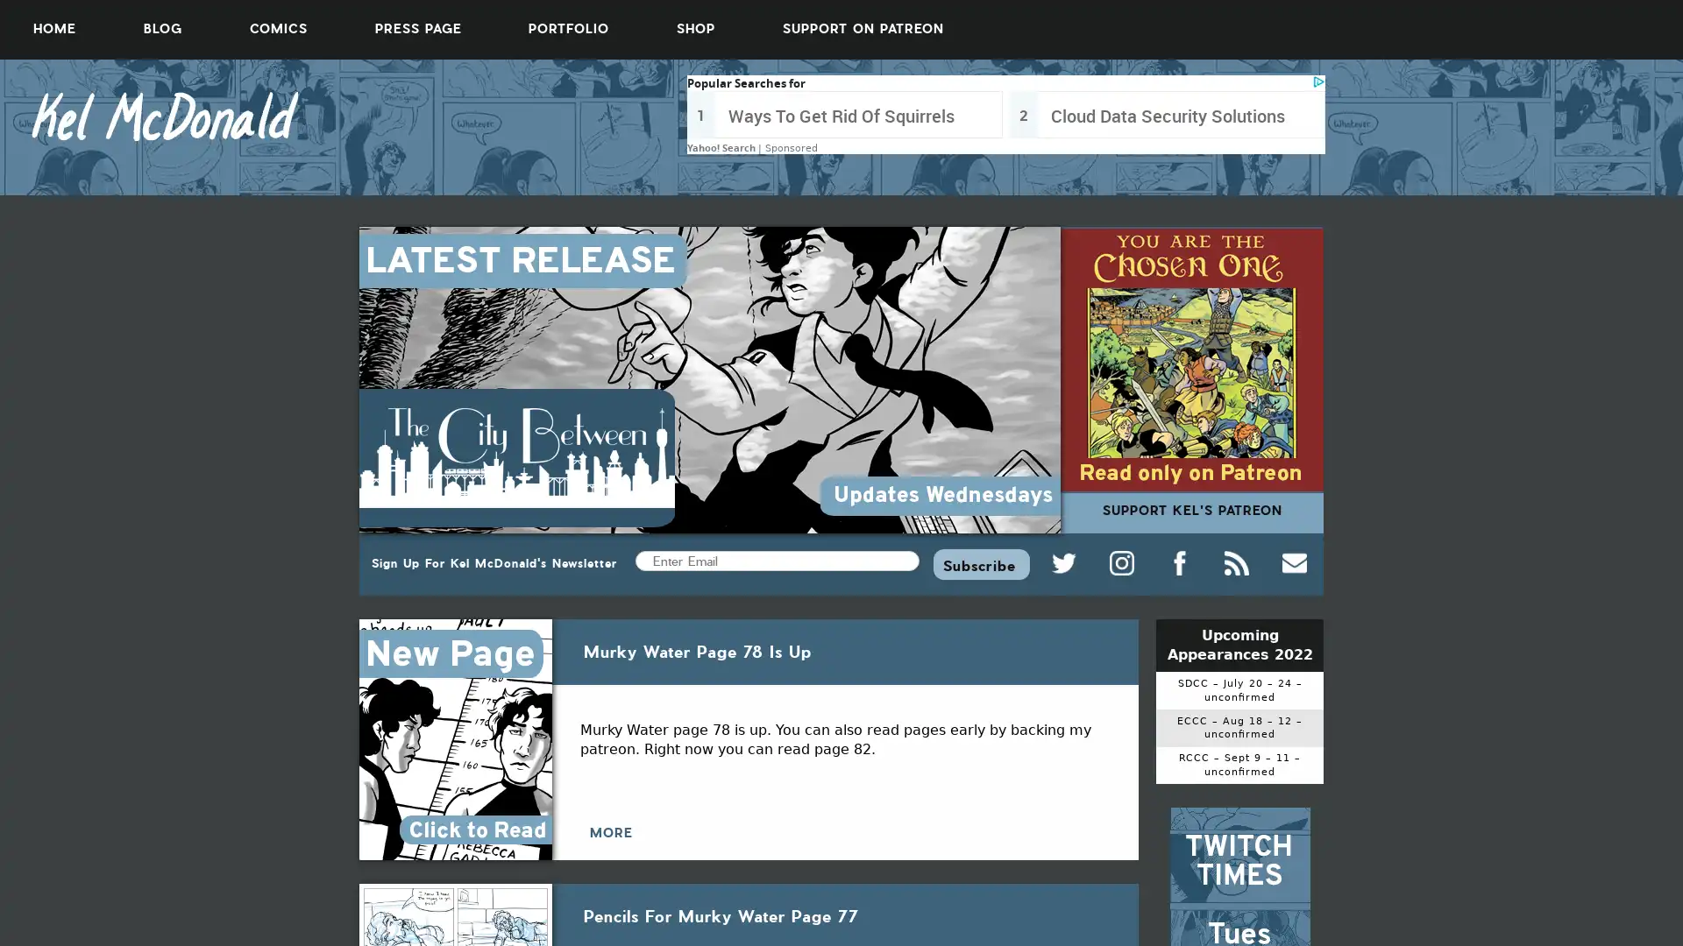 The image size is (1683, 946). What do you see at coordinates (980, 563) in the screenshot?
I see `Subscribe` at bounding box center [980, 563].